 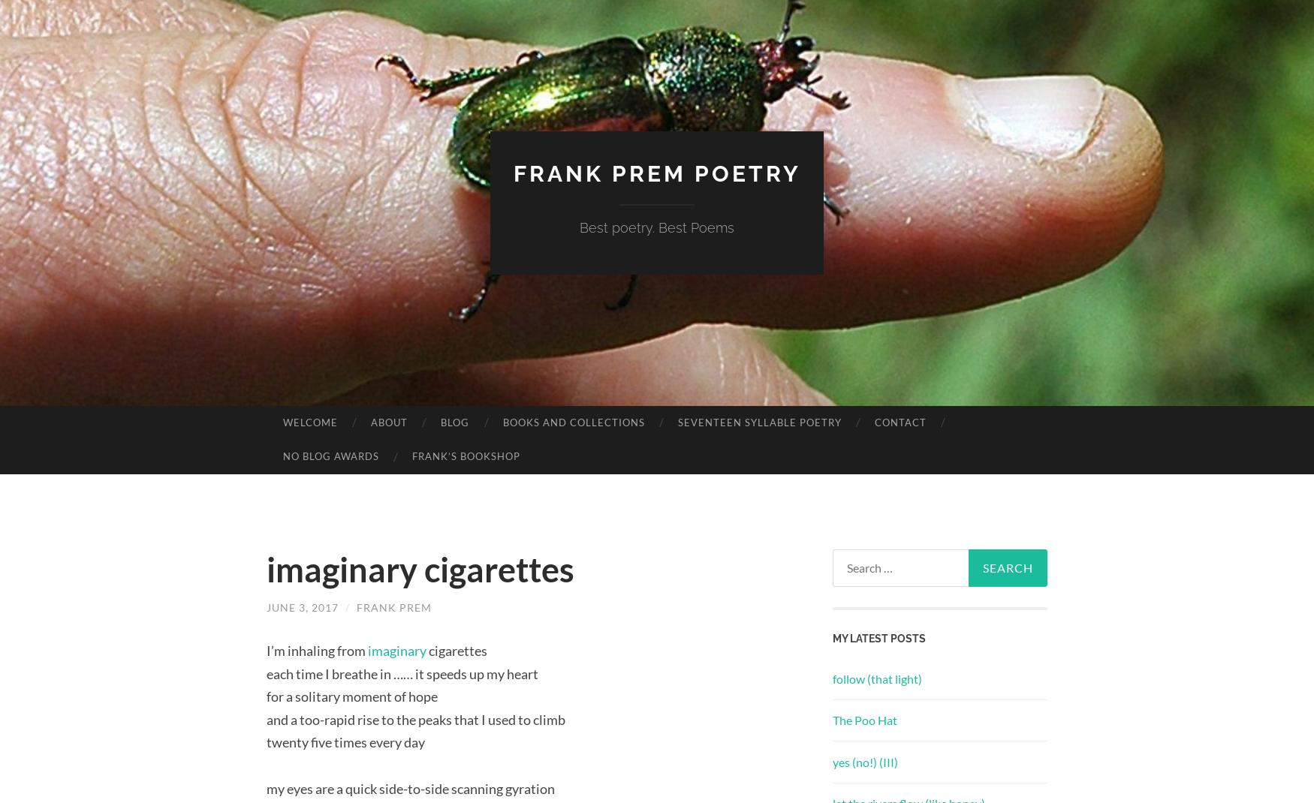 What do you see at coordinates (410, 787) in the screenshot?
I see `'my eyes are a quick side-to-side scanning gyration'` at bounding box center [410, 787].